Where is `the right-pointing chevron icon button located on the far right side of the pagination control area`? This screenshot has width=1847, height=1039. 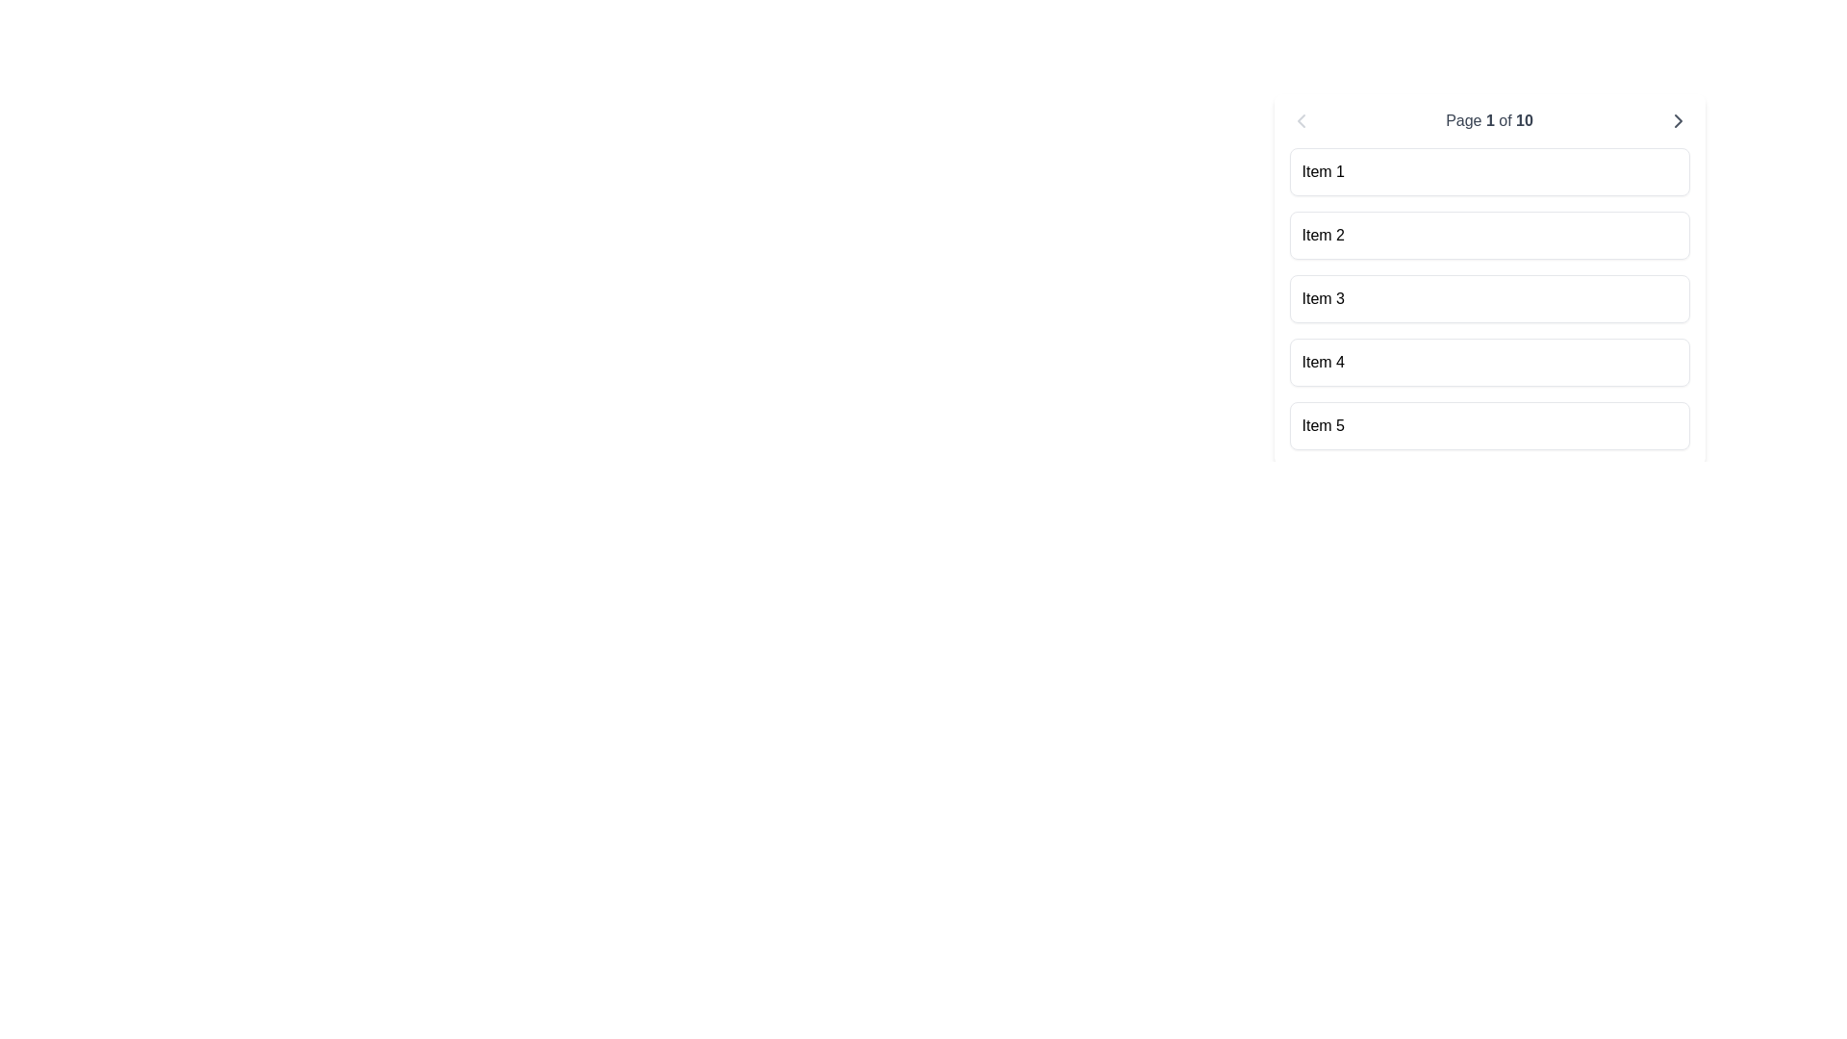 the right-pointing chevron icon button located on the far right side of the pagination control area is located at coordinates (1677, 121).